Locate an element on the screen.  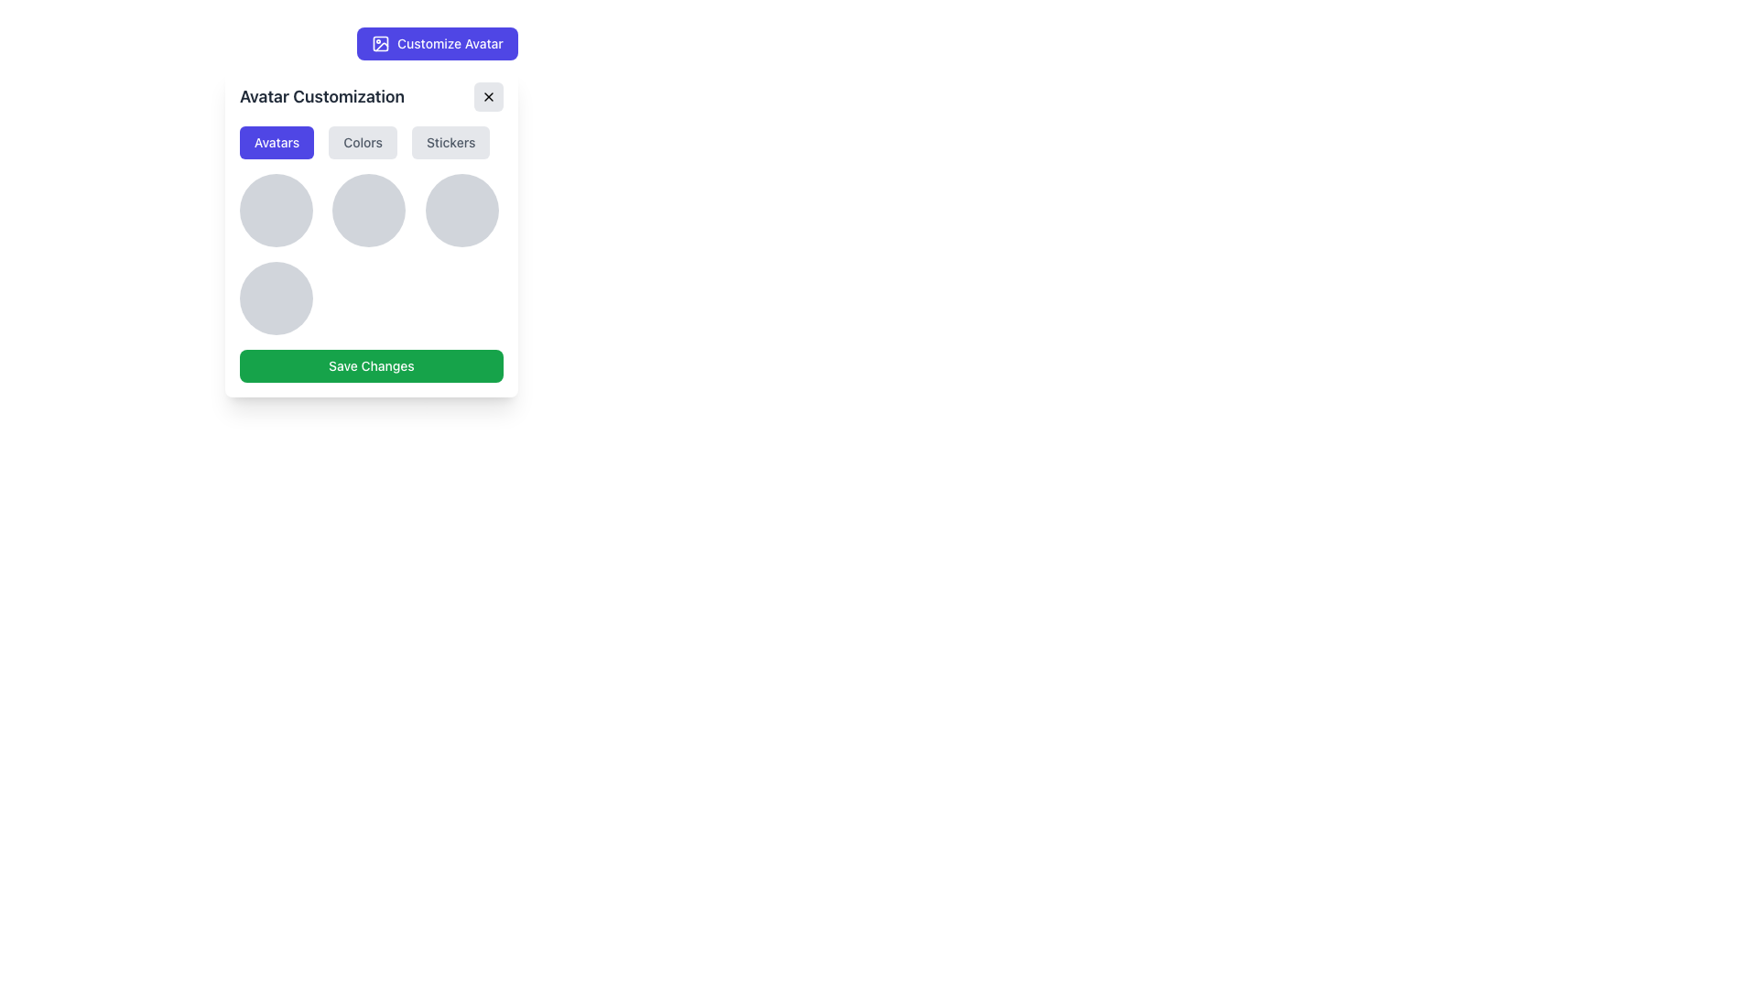
the 'Stickers' button located below the 'Avatar Customization' title is located at coordinates (450, 141).